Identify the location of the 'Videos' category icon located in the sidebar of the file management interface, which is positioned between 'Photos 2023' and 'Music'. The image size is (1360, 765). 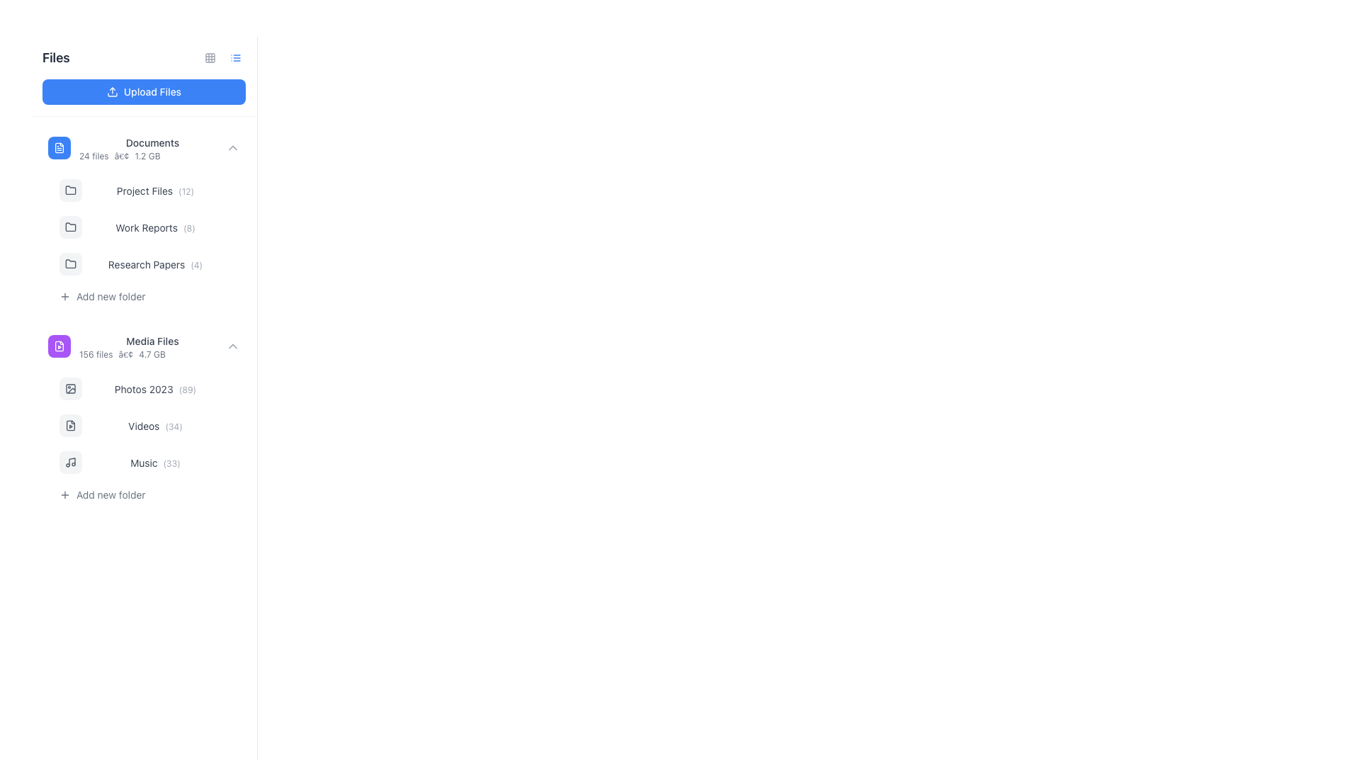
(70, 425).